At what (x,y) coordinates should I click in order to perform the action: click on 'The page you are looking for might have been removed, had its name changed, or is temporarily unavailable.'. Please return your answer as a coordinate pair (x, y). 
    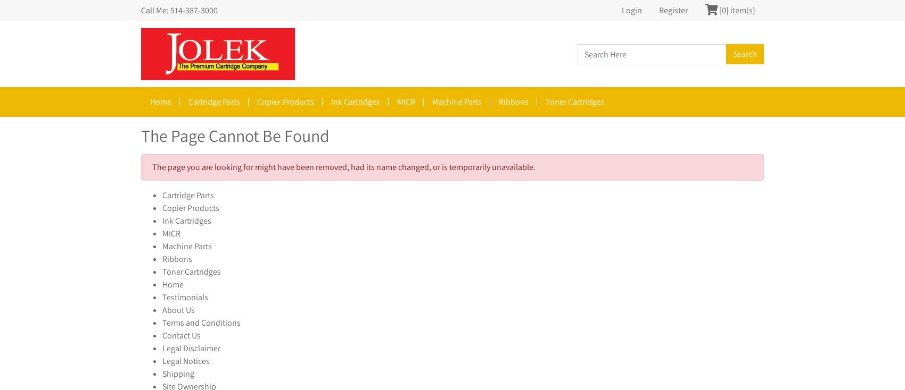
    Looking at the image, I should click on (344, 167).